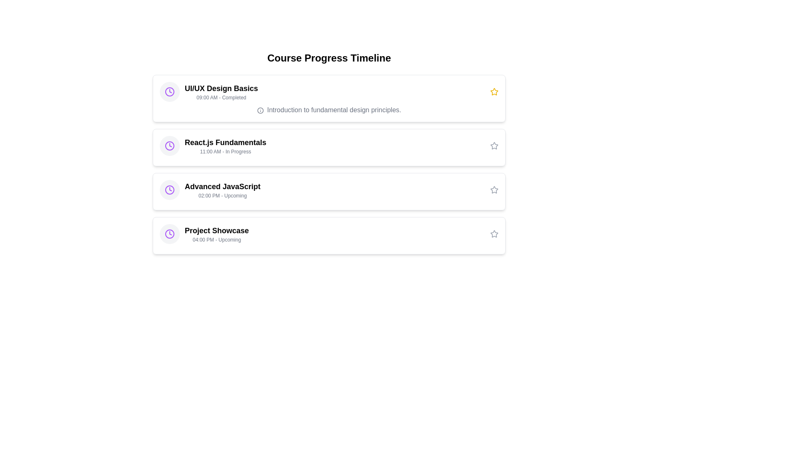 The image size is (799, 449). Describe the element at coordinates (329, 236) in the screenshot. I see `the fourth Event card titled 'Project Showcase' in the Course Progress Timeline` at that location.